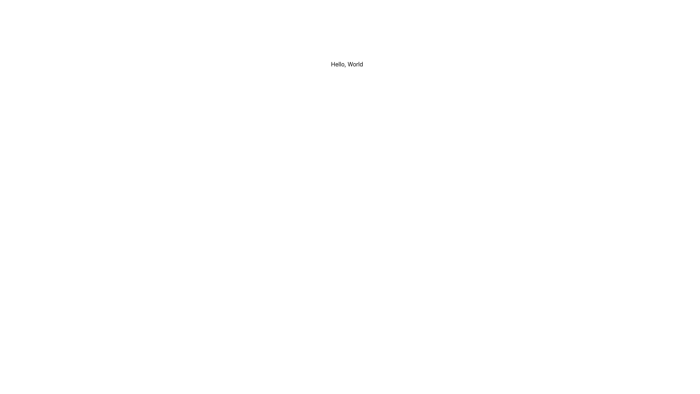 The image size is (700, 394). What do you see at coordinates (346, 64) in the screenshot?
I see `the text element displaying 'Hello, World', which is centrally aligned in a black font against a white background` at bounding box center [346, 64].